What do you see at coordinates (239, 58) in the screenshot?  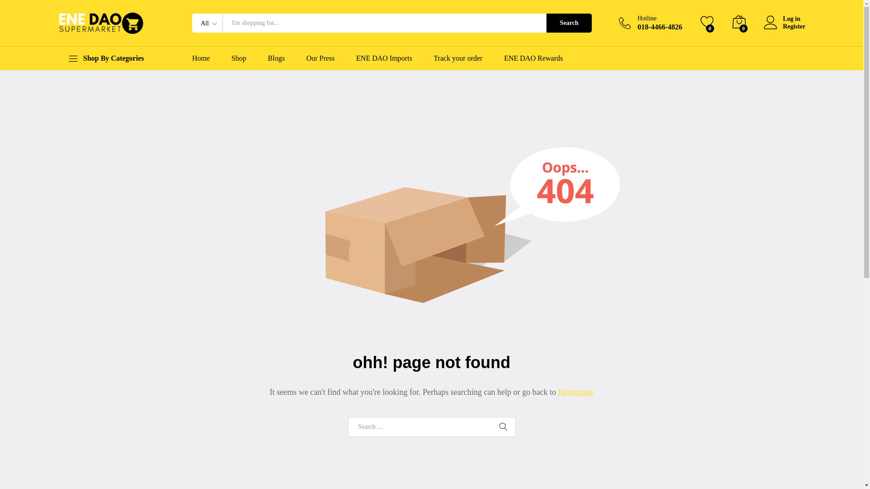 I see `'Shop'` at bounding box center [239, 58].